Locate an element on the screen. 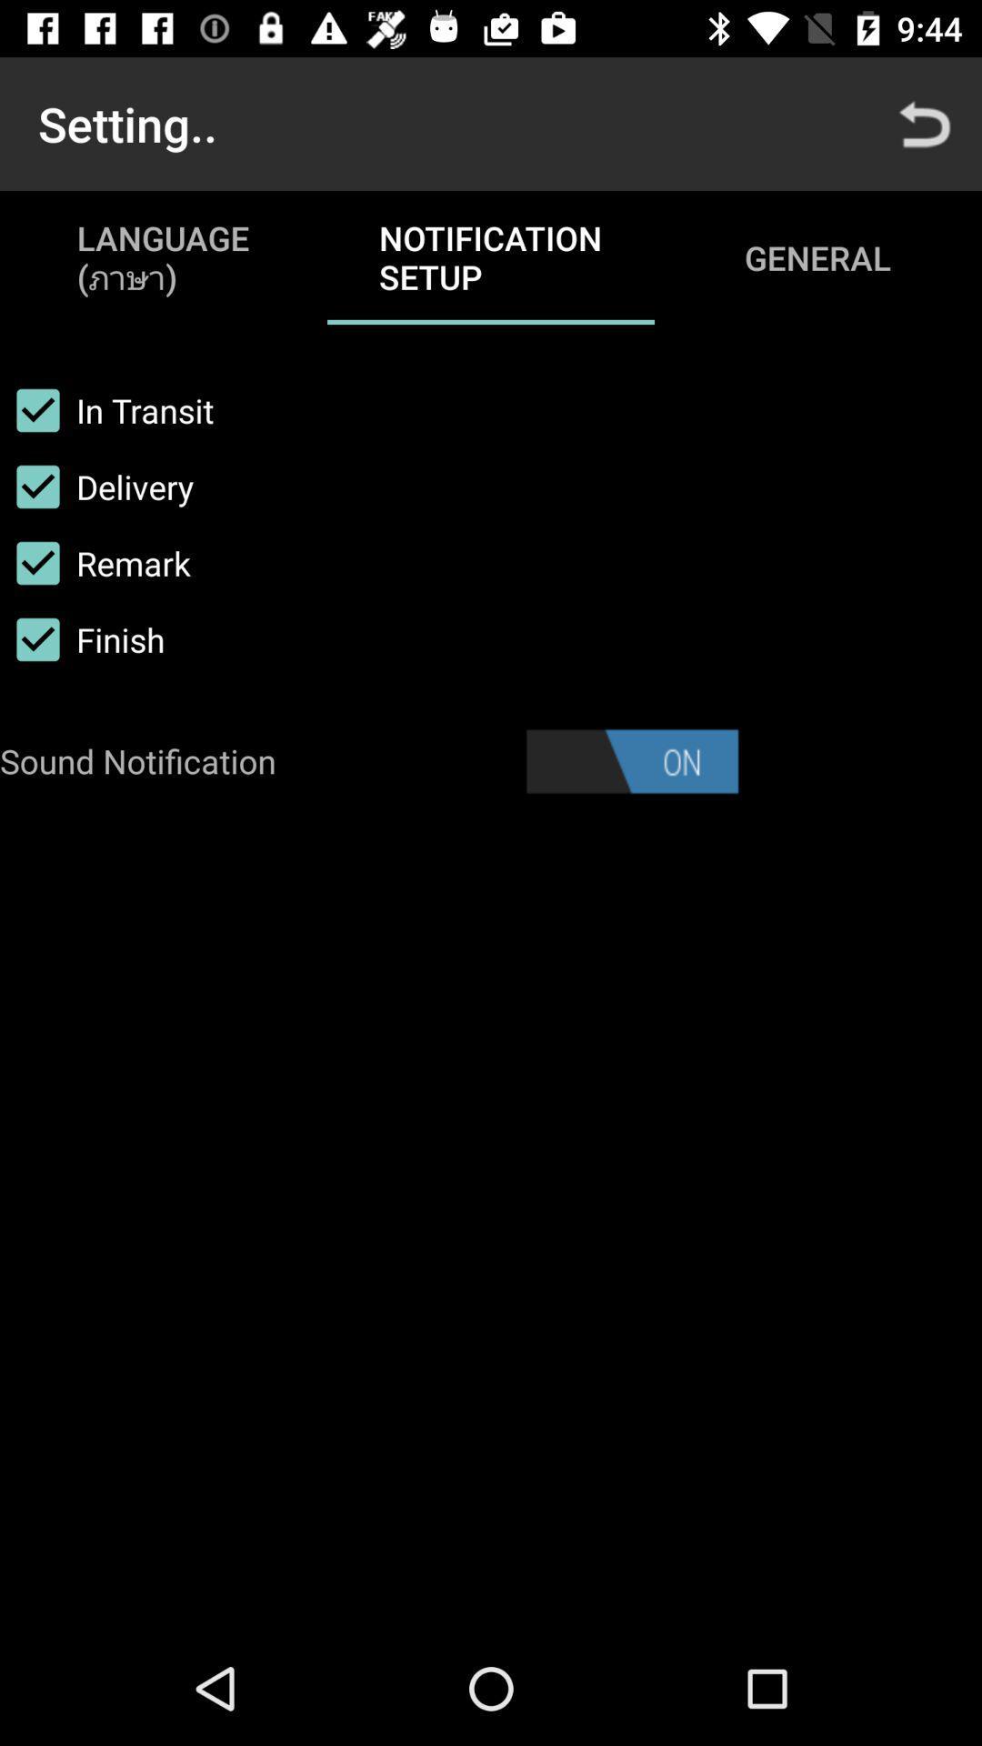 The width and height of the screenshot is (982, 1746). the item below remark item is located at coordinates (82, 639).